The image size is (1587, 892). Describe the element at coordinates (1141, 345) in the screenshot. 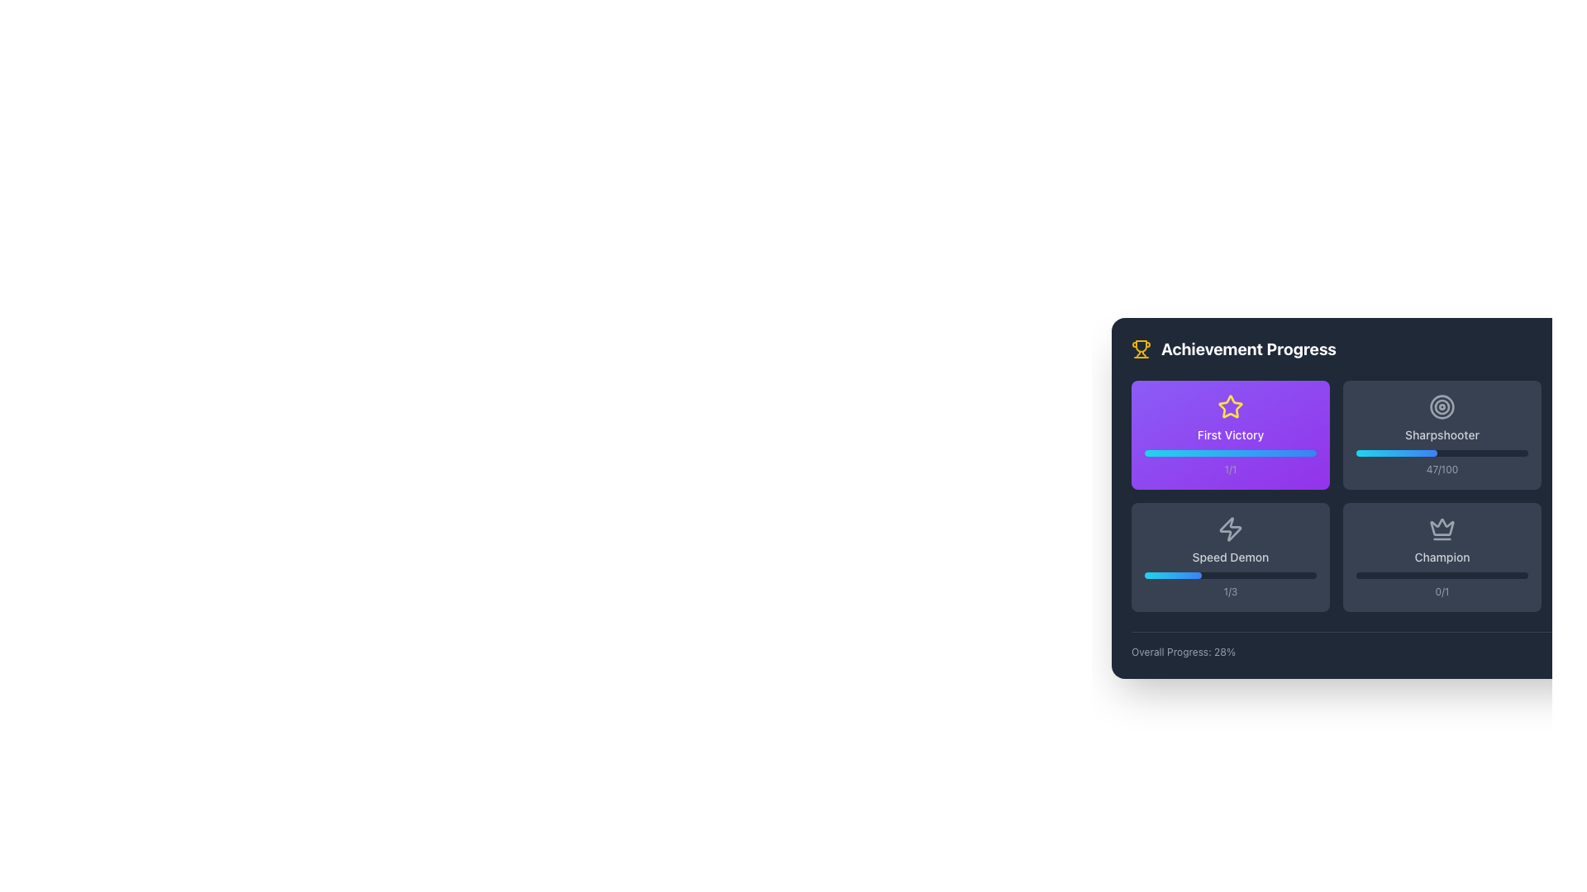

I see `central part of the graphical trophy icon element for details using developer tools` at that location.